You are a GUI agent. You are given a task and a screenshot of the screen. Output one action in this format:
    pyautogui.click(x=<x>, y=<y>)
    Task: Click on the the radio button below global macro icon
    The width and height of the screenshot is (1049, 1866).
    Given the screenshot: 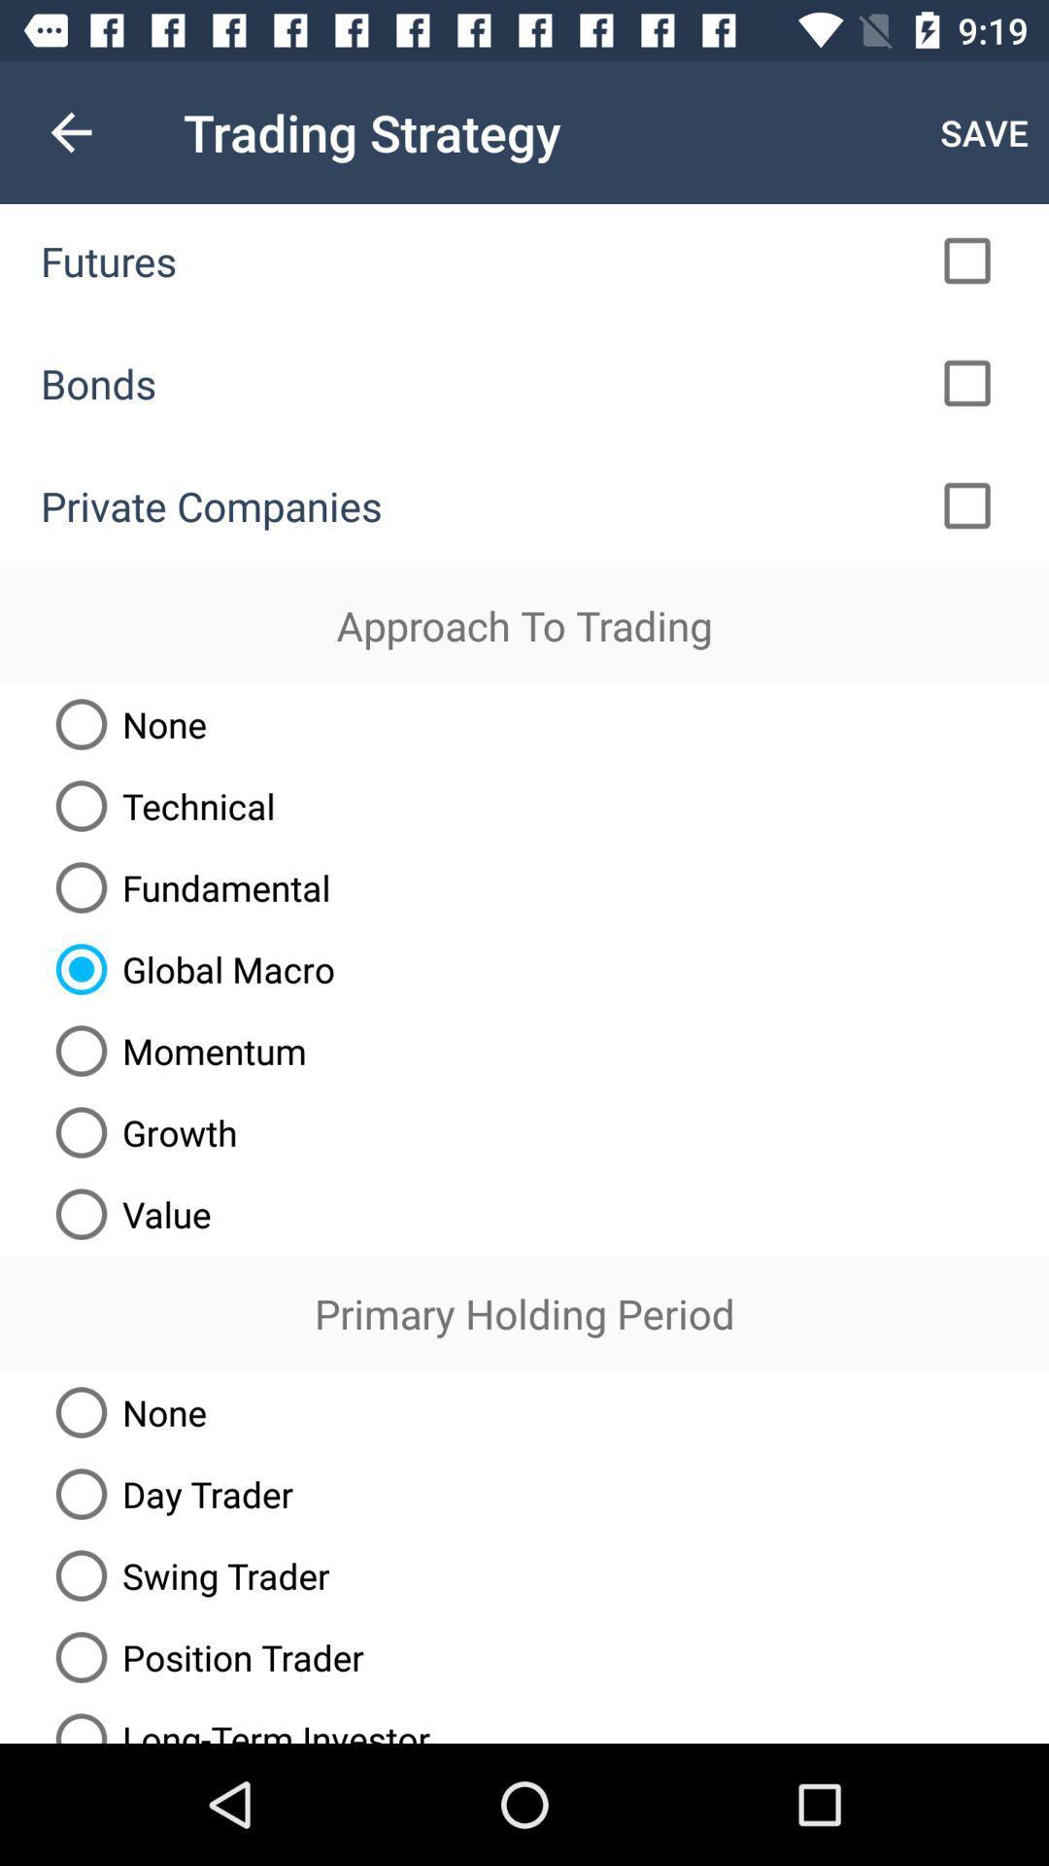 What is the action you would take?
    pyautogui.click(x=172, y=1050)
    